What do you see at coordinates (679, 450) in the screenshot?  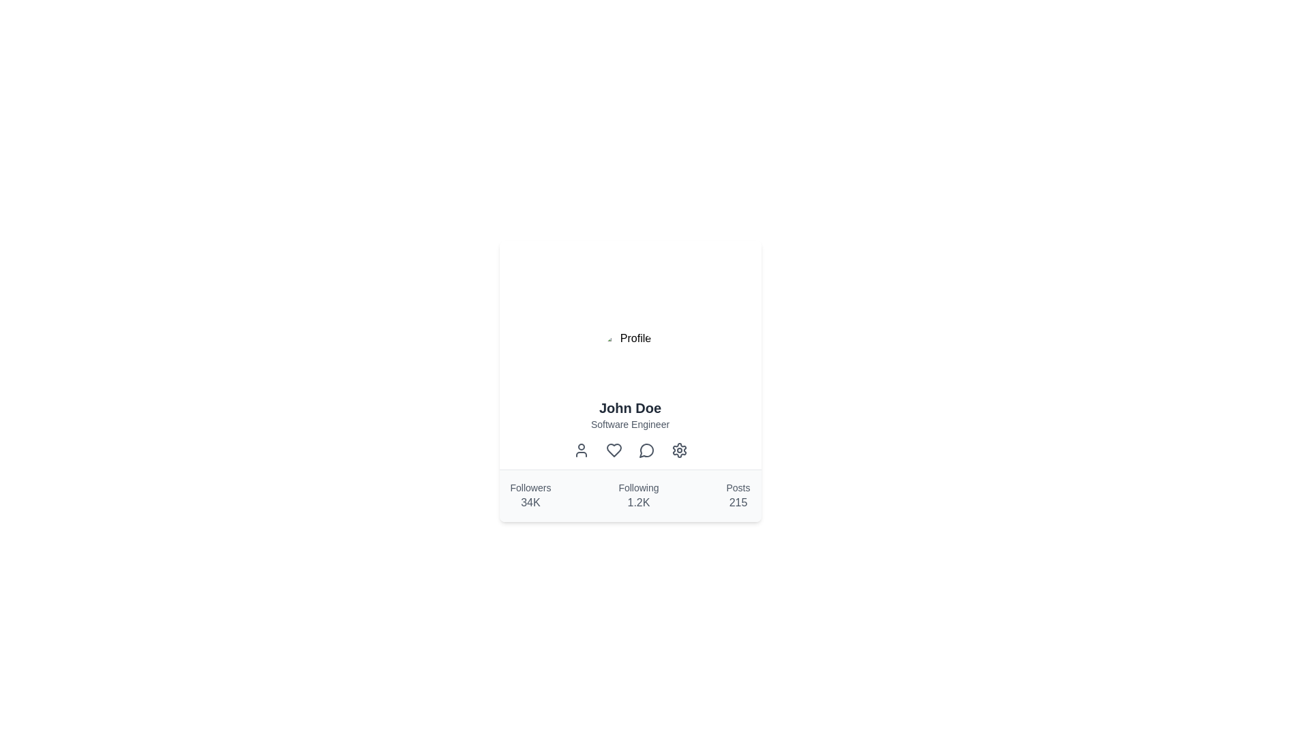 I see `the small gray cogwheel-shaped settings icon, which changes to green on hover, located to the right of the speech bubble icon beneath the profile section` at bounding box center [679, 450].